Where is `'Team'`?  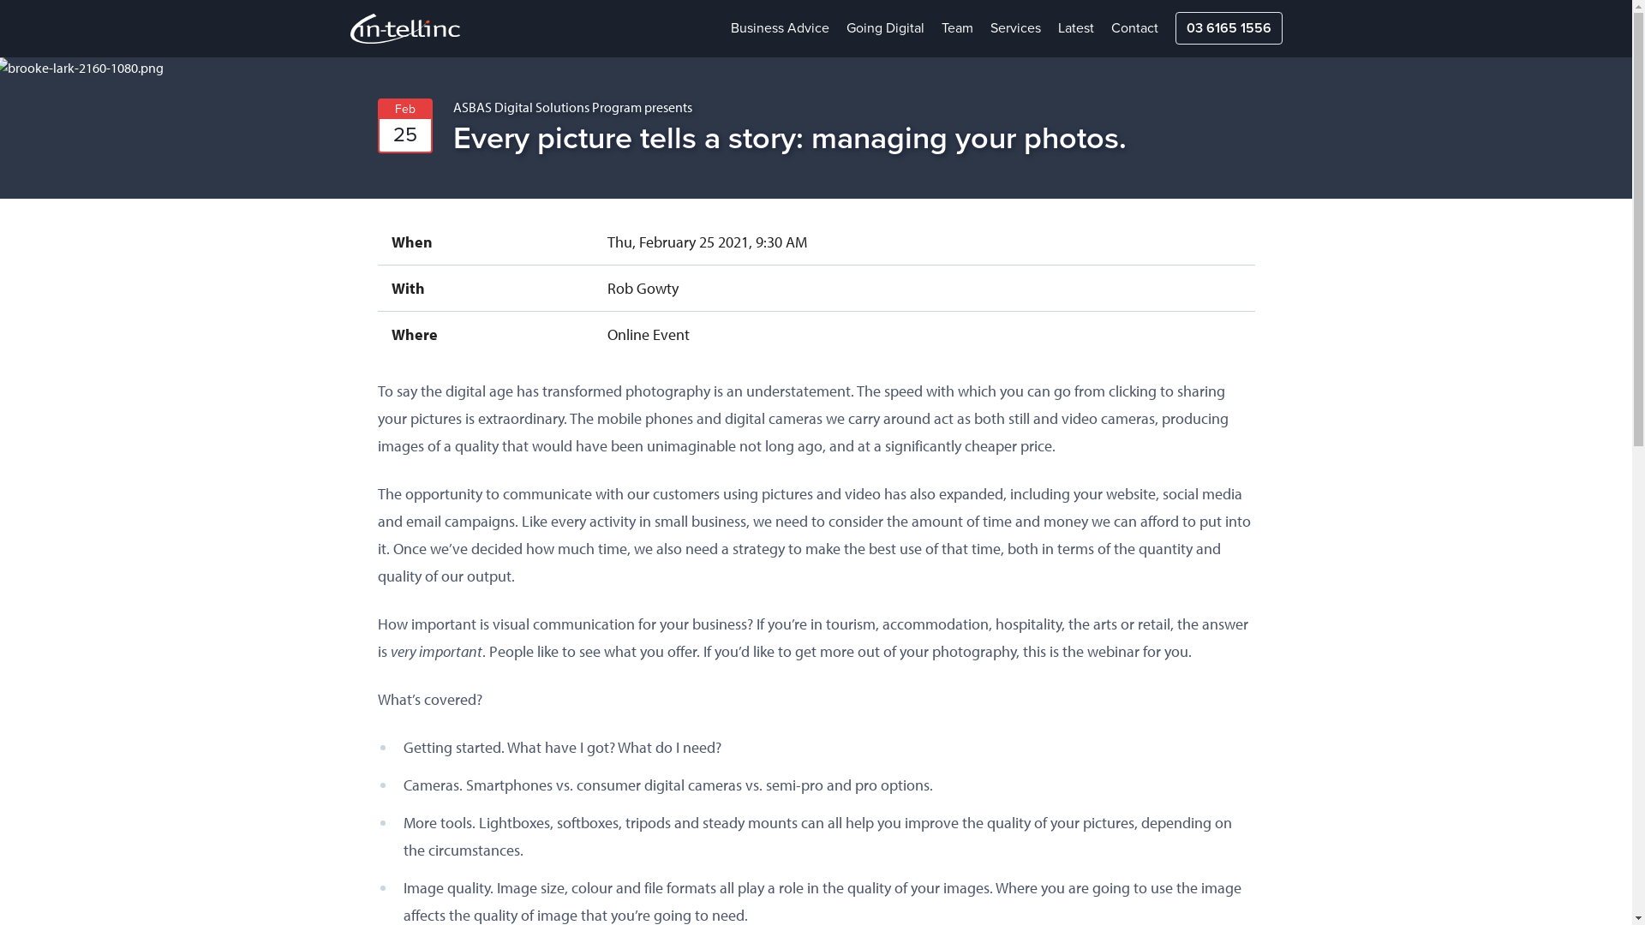 'Team' is located at coordinates (955, 28).